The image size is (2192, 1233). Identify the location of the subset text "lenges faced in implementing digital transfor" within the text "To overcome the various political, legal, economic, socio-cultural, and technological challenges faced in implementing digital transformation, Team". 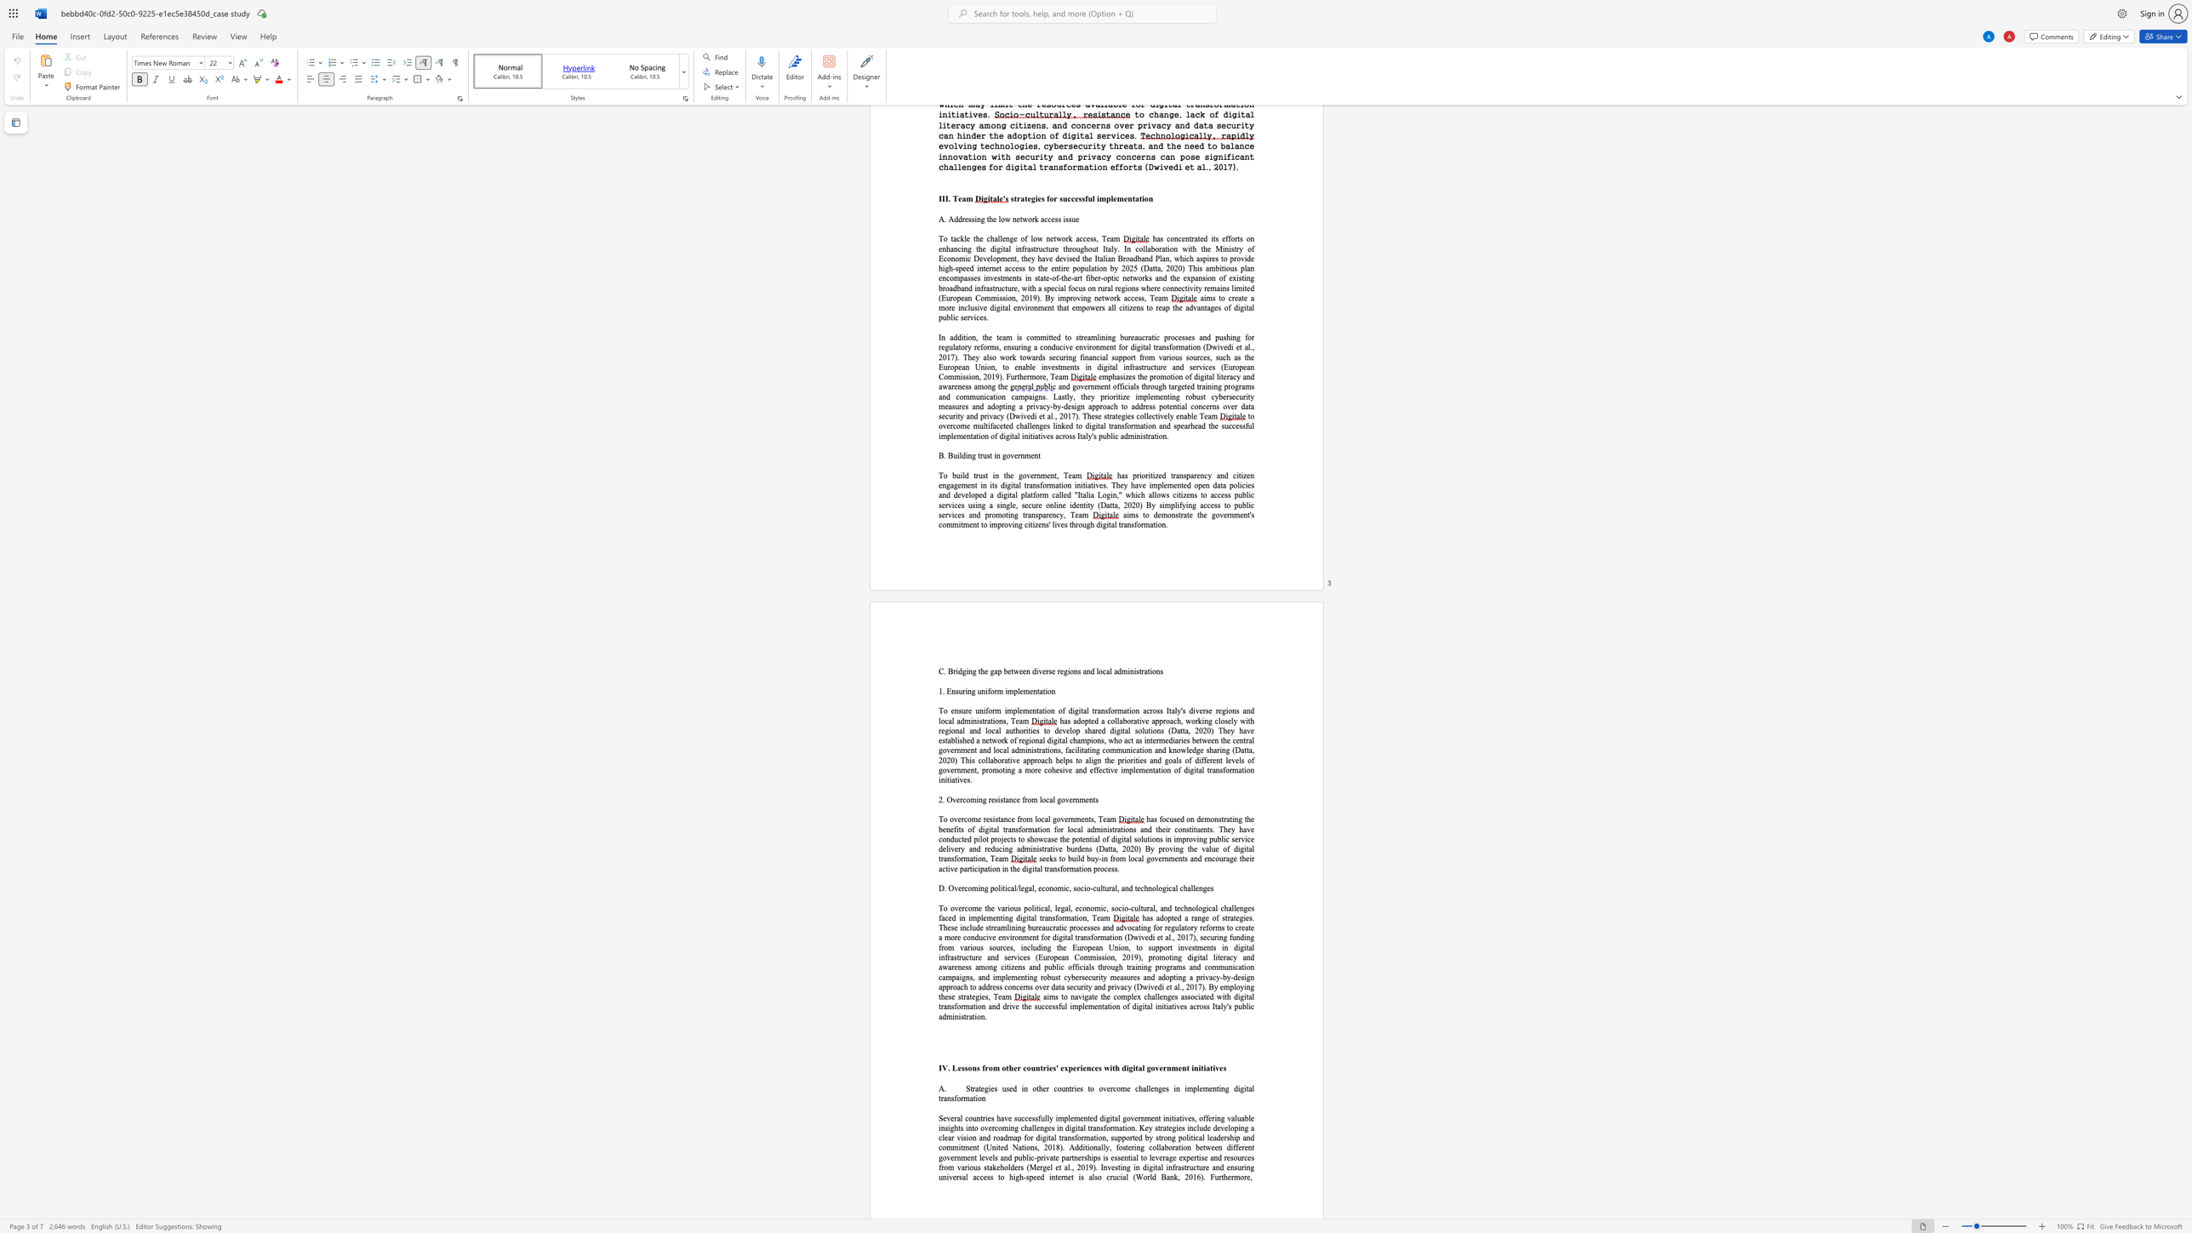
(1233, 908).